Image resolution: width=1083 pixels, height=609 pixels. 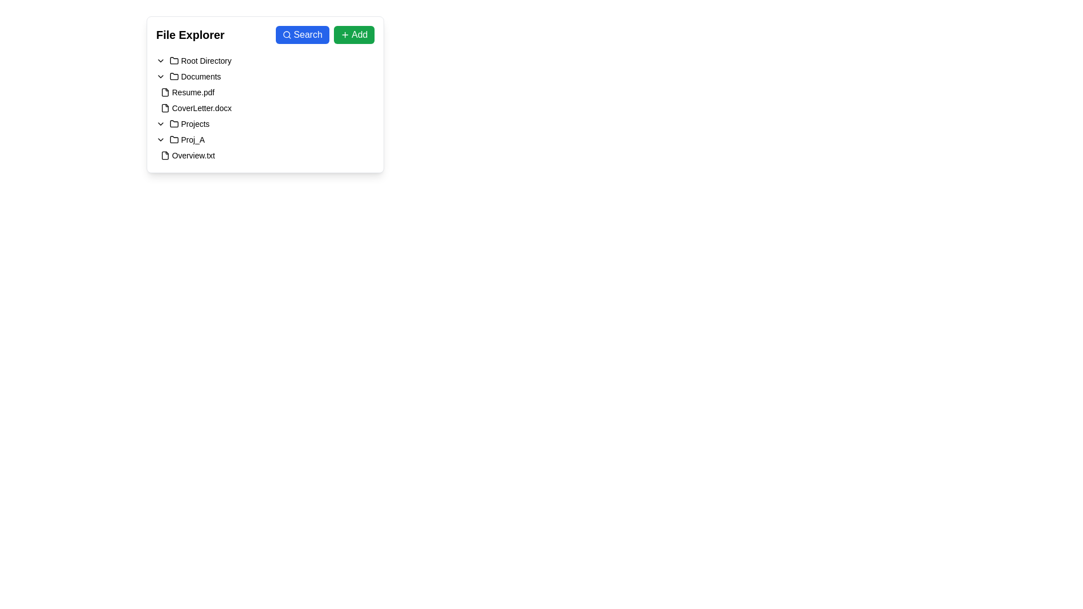 What do you see at coordinates (302, 34) in the screenshot?
I see `the blue rectangular 'Search' button with rounded corners located in the upper-right region of the 'File Explorer' card to initiate search` at bounding box center [302, 34].